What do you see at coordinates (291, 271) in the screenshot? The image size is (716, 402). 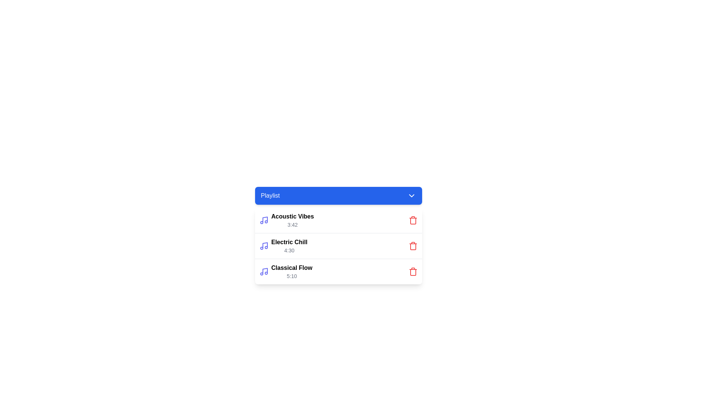 I see `song title 'Classical Flow' and its duration '5:10' displayed in the text display, which is the third item in the playlist under the title 'Playlist'` at bounding box center [291, 271].